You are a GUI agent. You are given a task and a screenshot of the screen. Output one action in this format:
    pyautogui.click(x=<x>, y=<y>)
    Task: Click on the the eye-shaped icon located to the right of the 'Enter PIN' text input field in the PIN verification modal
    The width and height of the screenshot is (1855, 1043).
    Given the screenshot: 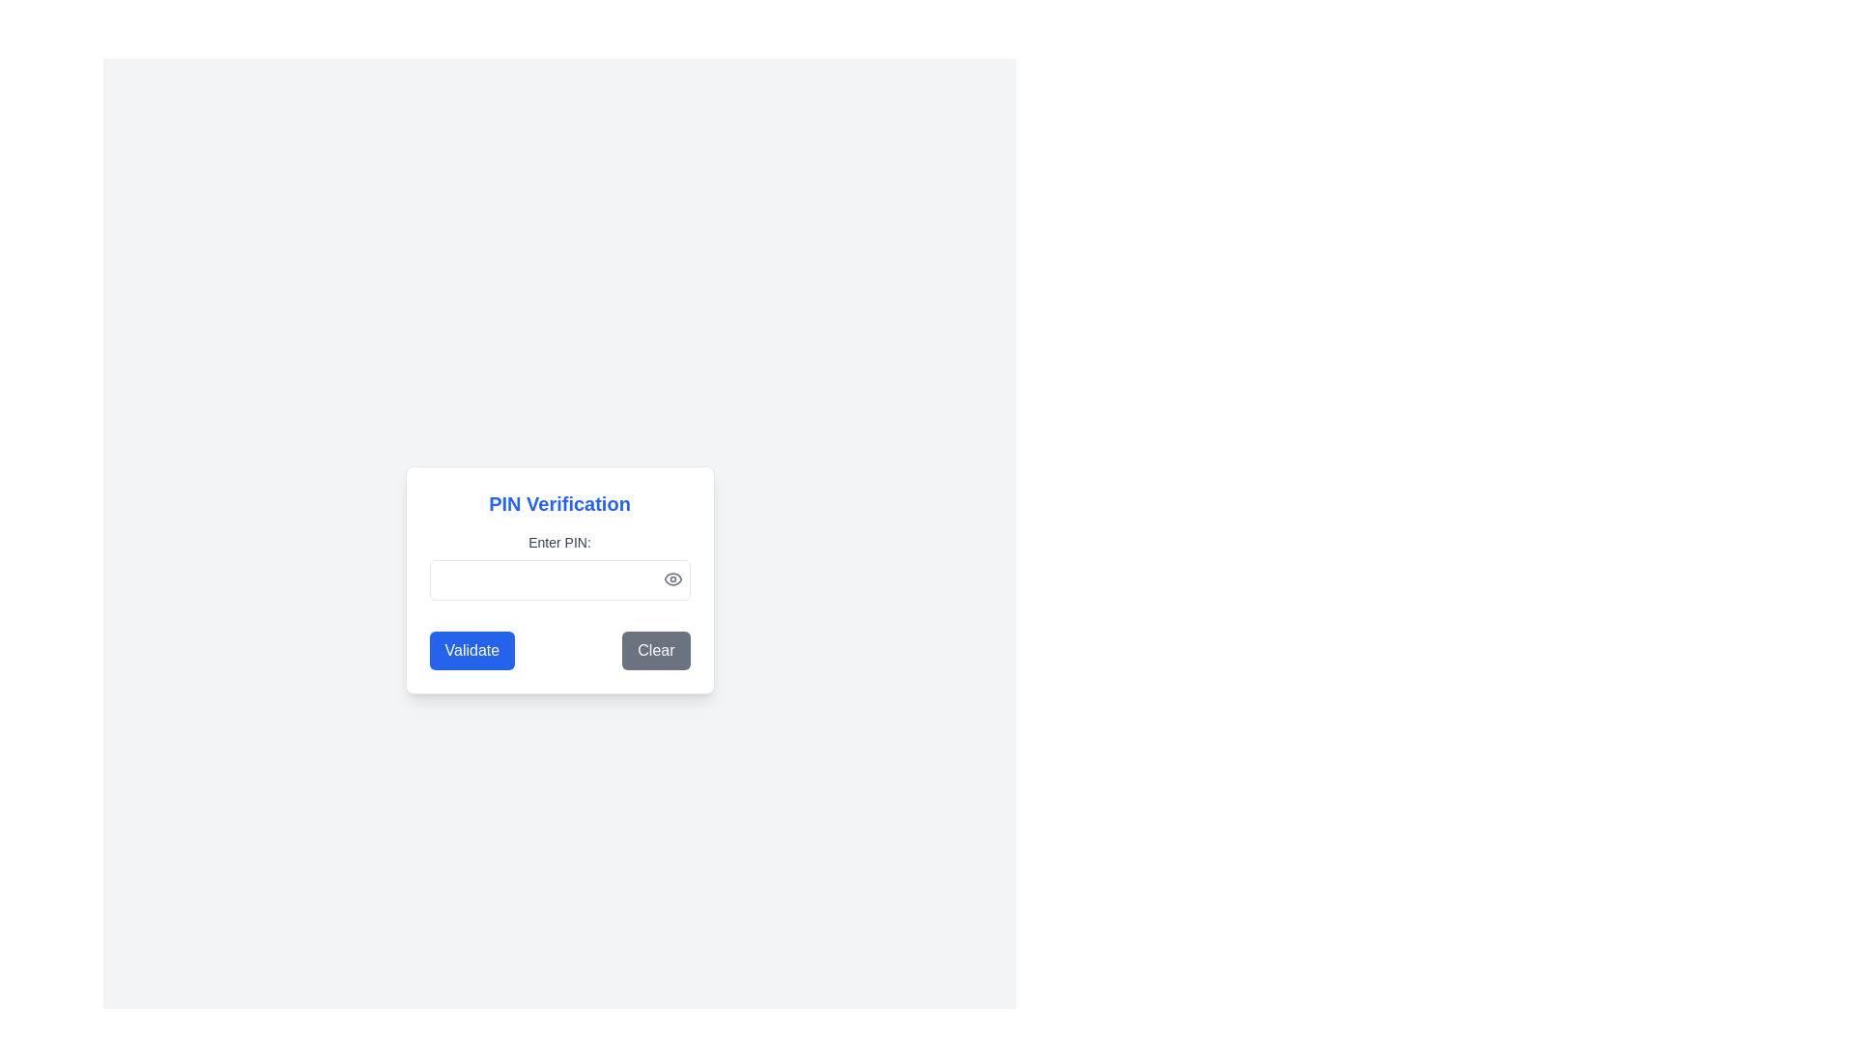 What is the action you would take?
    pyautogui.click(x=672, y=578)
    